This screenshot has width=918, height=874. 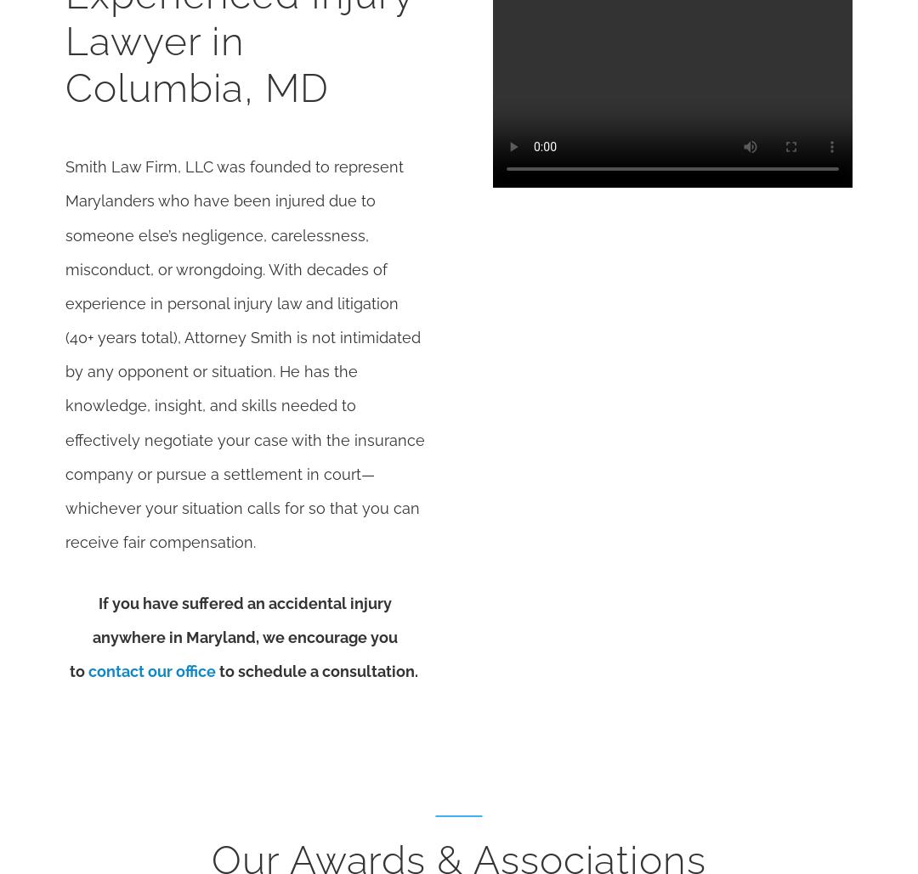 I want to click on 'Quick Links', so click(x=346, y=143).